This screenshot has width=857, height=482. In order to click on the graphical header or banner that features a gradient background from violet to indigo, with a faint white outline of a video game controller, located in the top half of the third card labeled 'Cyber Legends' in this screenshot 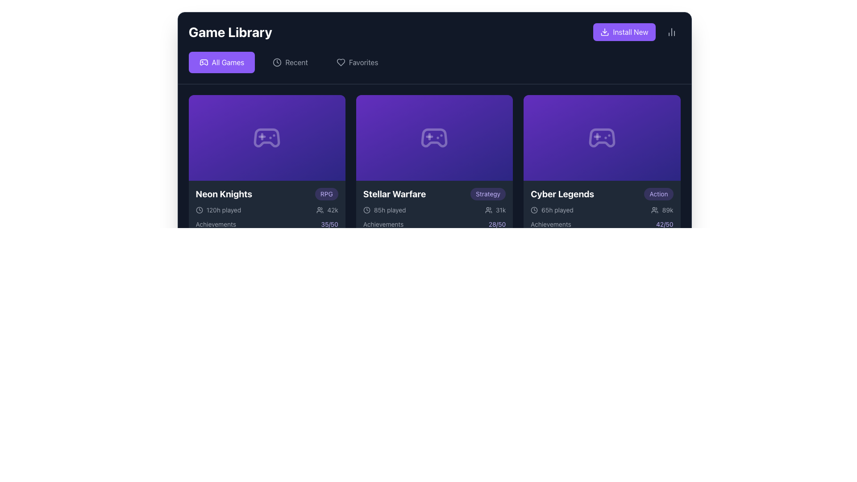, I will do `click(602, 137)`.